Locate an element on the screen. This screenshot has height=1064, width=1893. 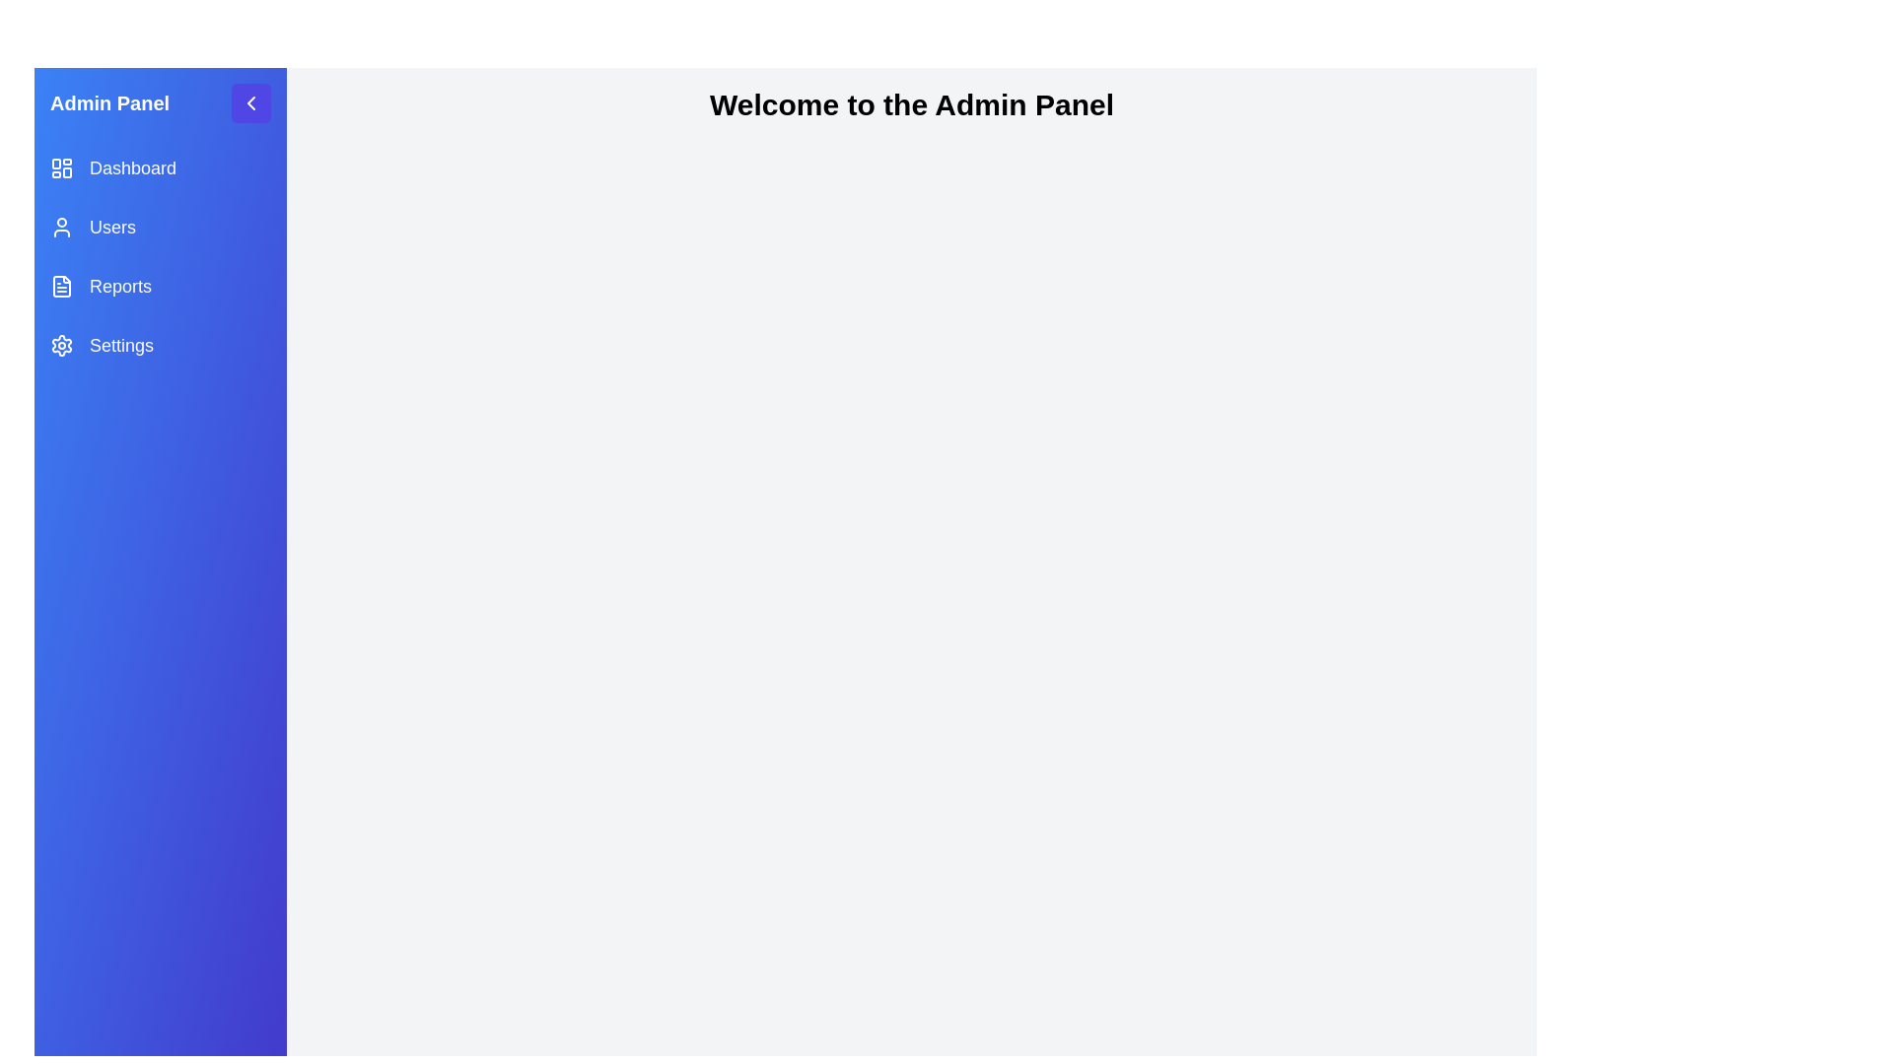
the Navigation Button that navigates to the 'Reports' section of the application is located at coordinates (100, 286).